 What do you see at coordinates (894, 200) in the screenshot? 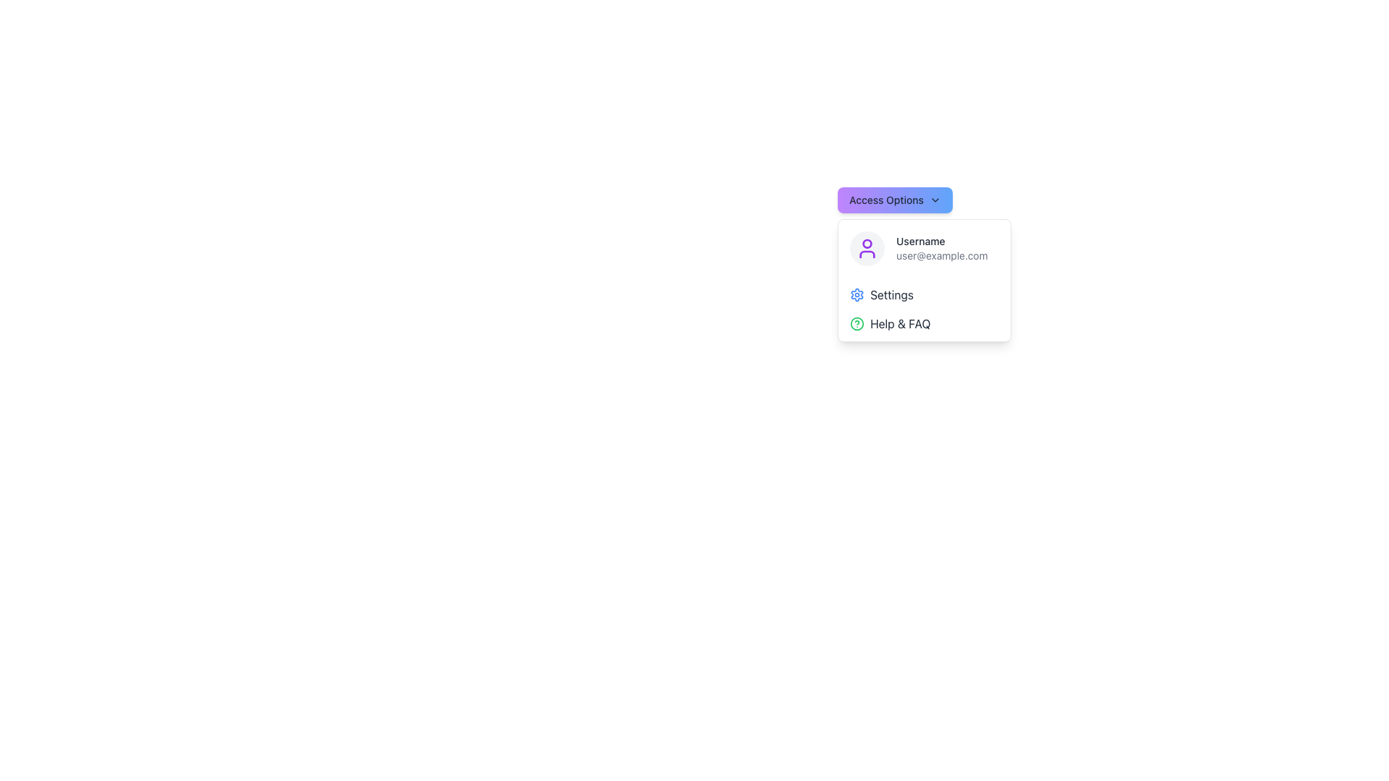
I see `the button located at the top-right region of the interface that toggles the dropdown menu for user-related options like account settings and help` at bounding box center [894, 200].